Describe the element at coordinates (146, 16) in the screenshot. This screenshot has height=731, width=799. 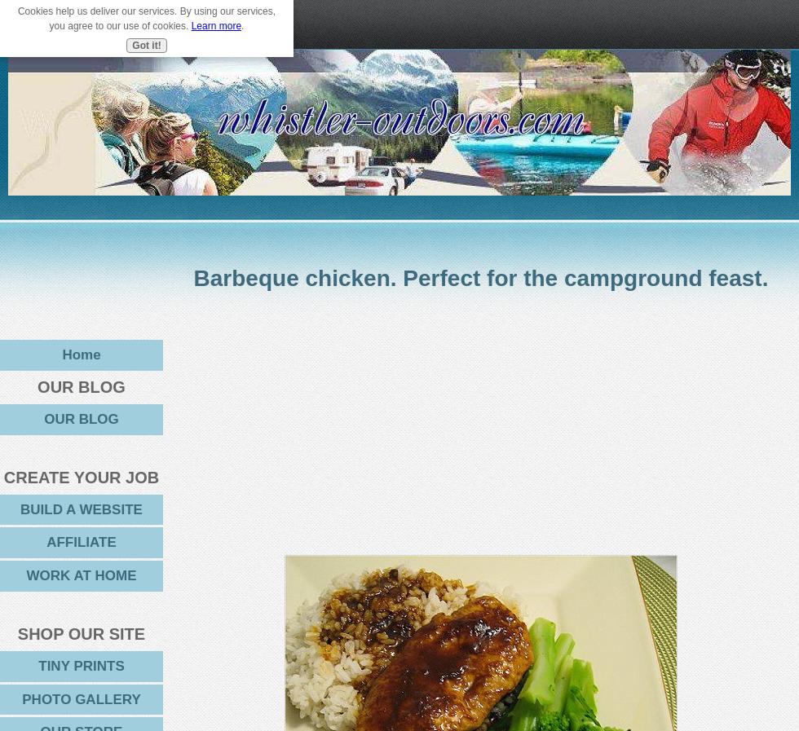
I see `'Cookies help us deliver our services. By using our services, you agree to our use of cookies.'` at that location.